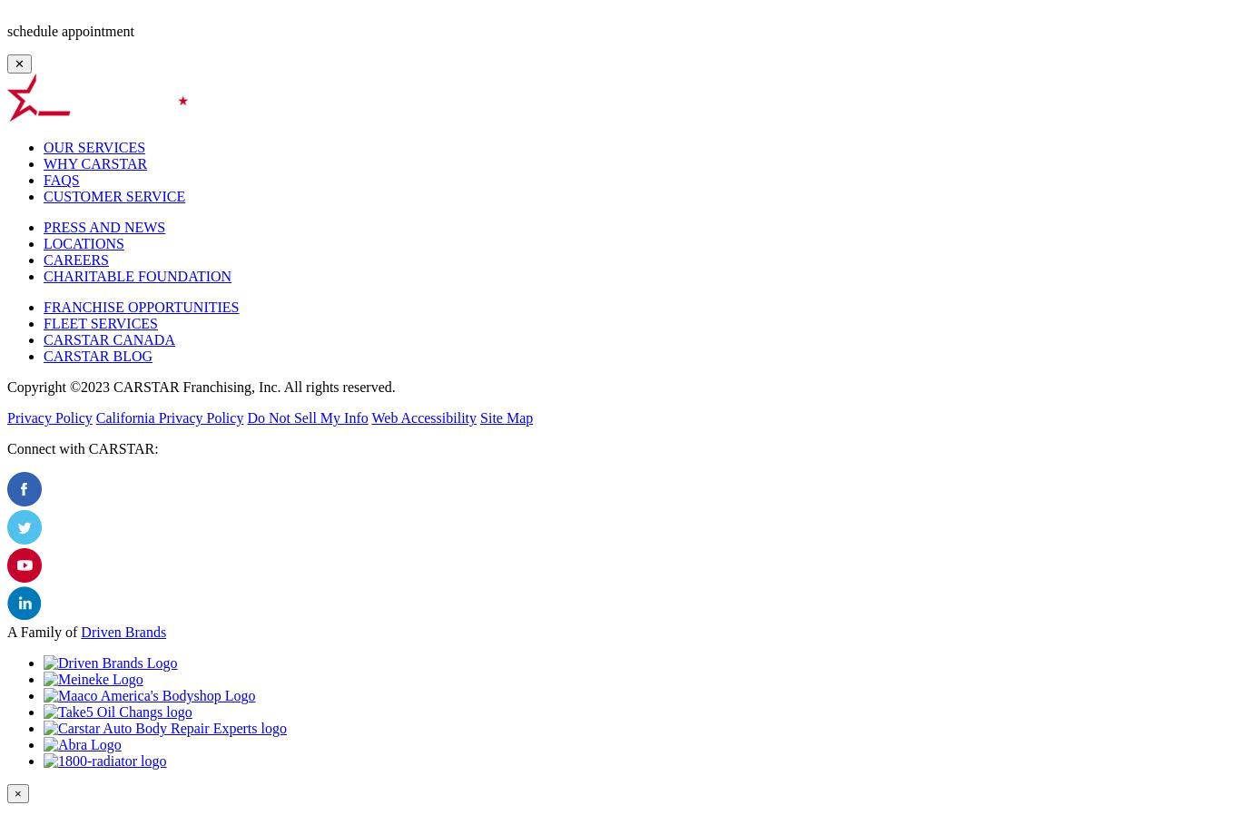 The width and height of the screenshot is (1240, 825). Describe the element at coordinates (61, 180) in the screenshot. I see `'FAQS'` at that location.